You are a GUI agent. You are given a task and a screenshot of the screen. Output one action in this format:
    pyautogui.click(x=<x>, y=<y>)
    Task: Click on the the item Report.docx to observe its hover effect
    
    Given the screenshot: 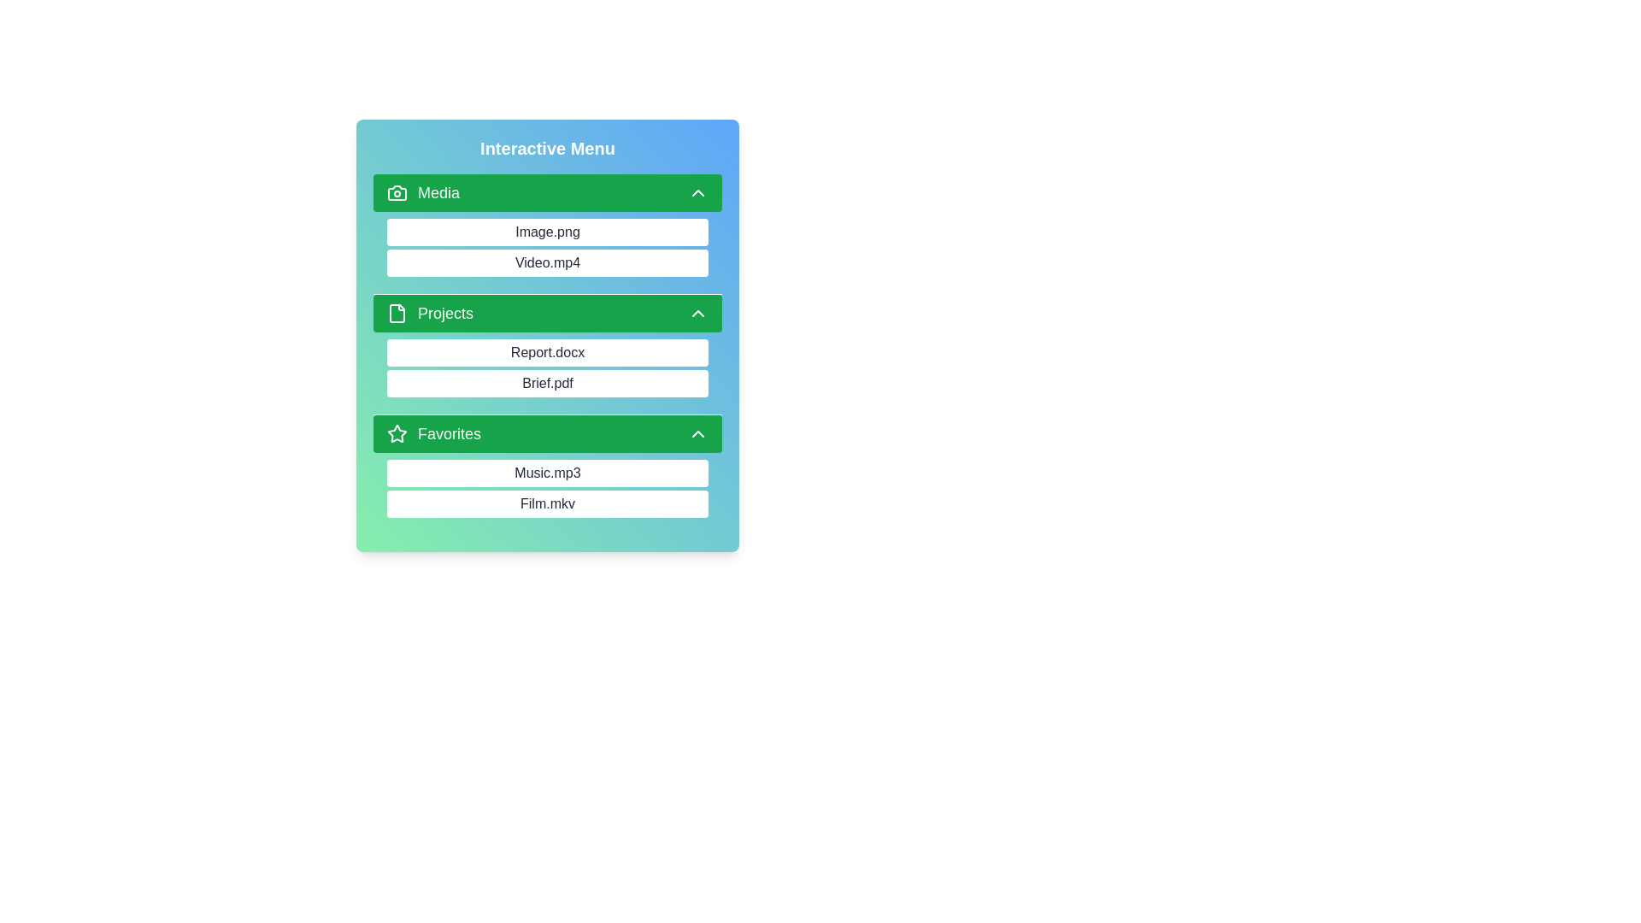 What is the action you would take?
    pyautogui.click(x=548, y=351)
    